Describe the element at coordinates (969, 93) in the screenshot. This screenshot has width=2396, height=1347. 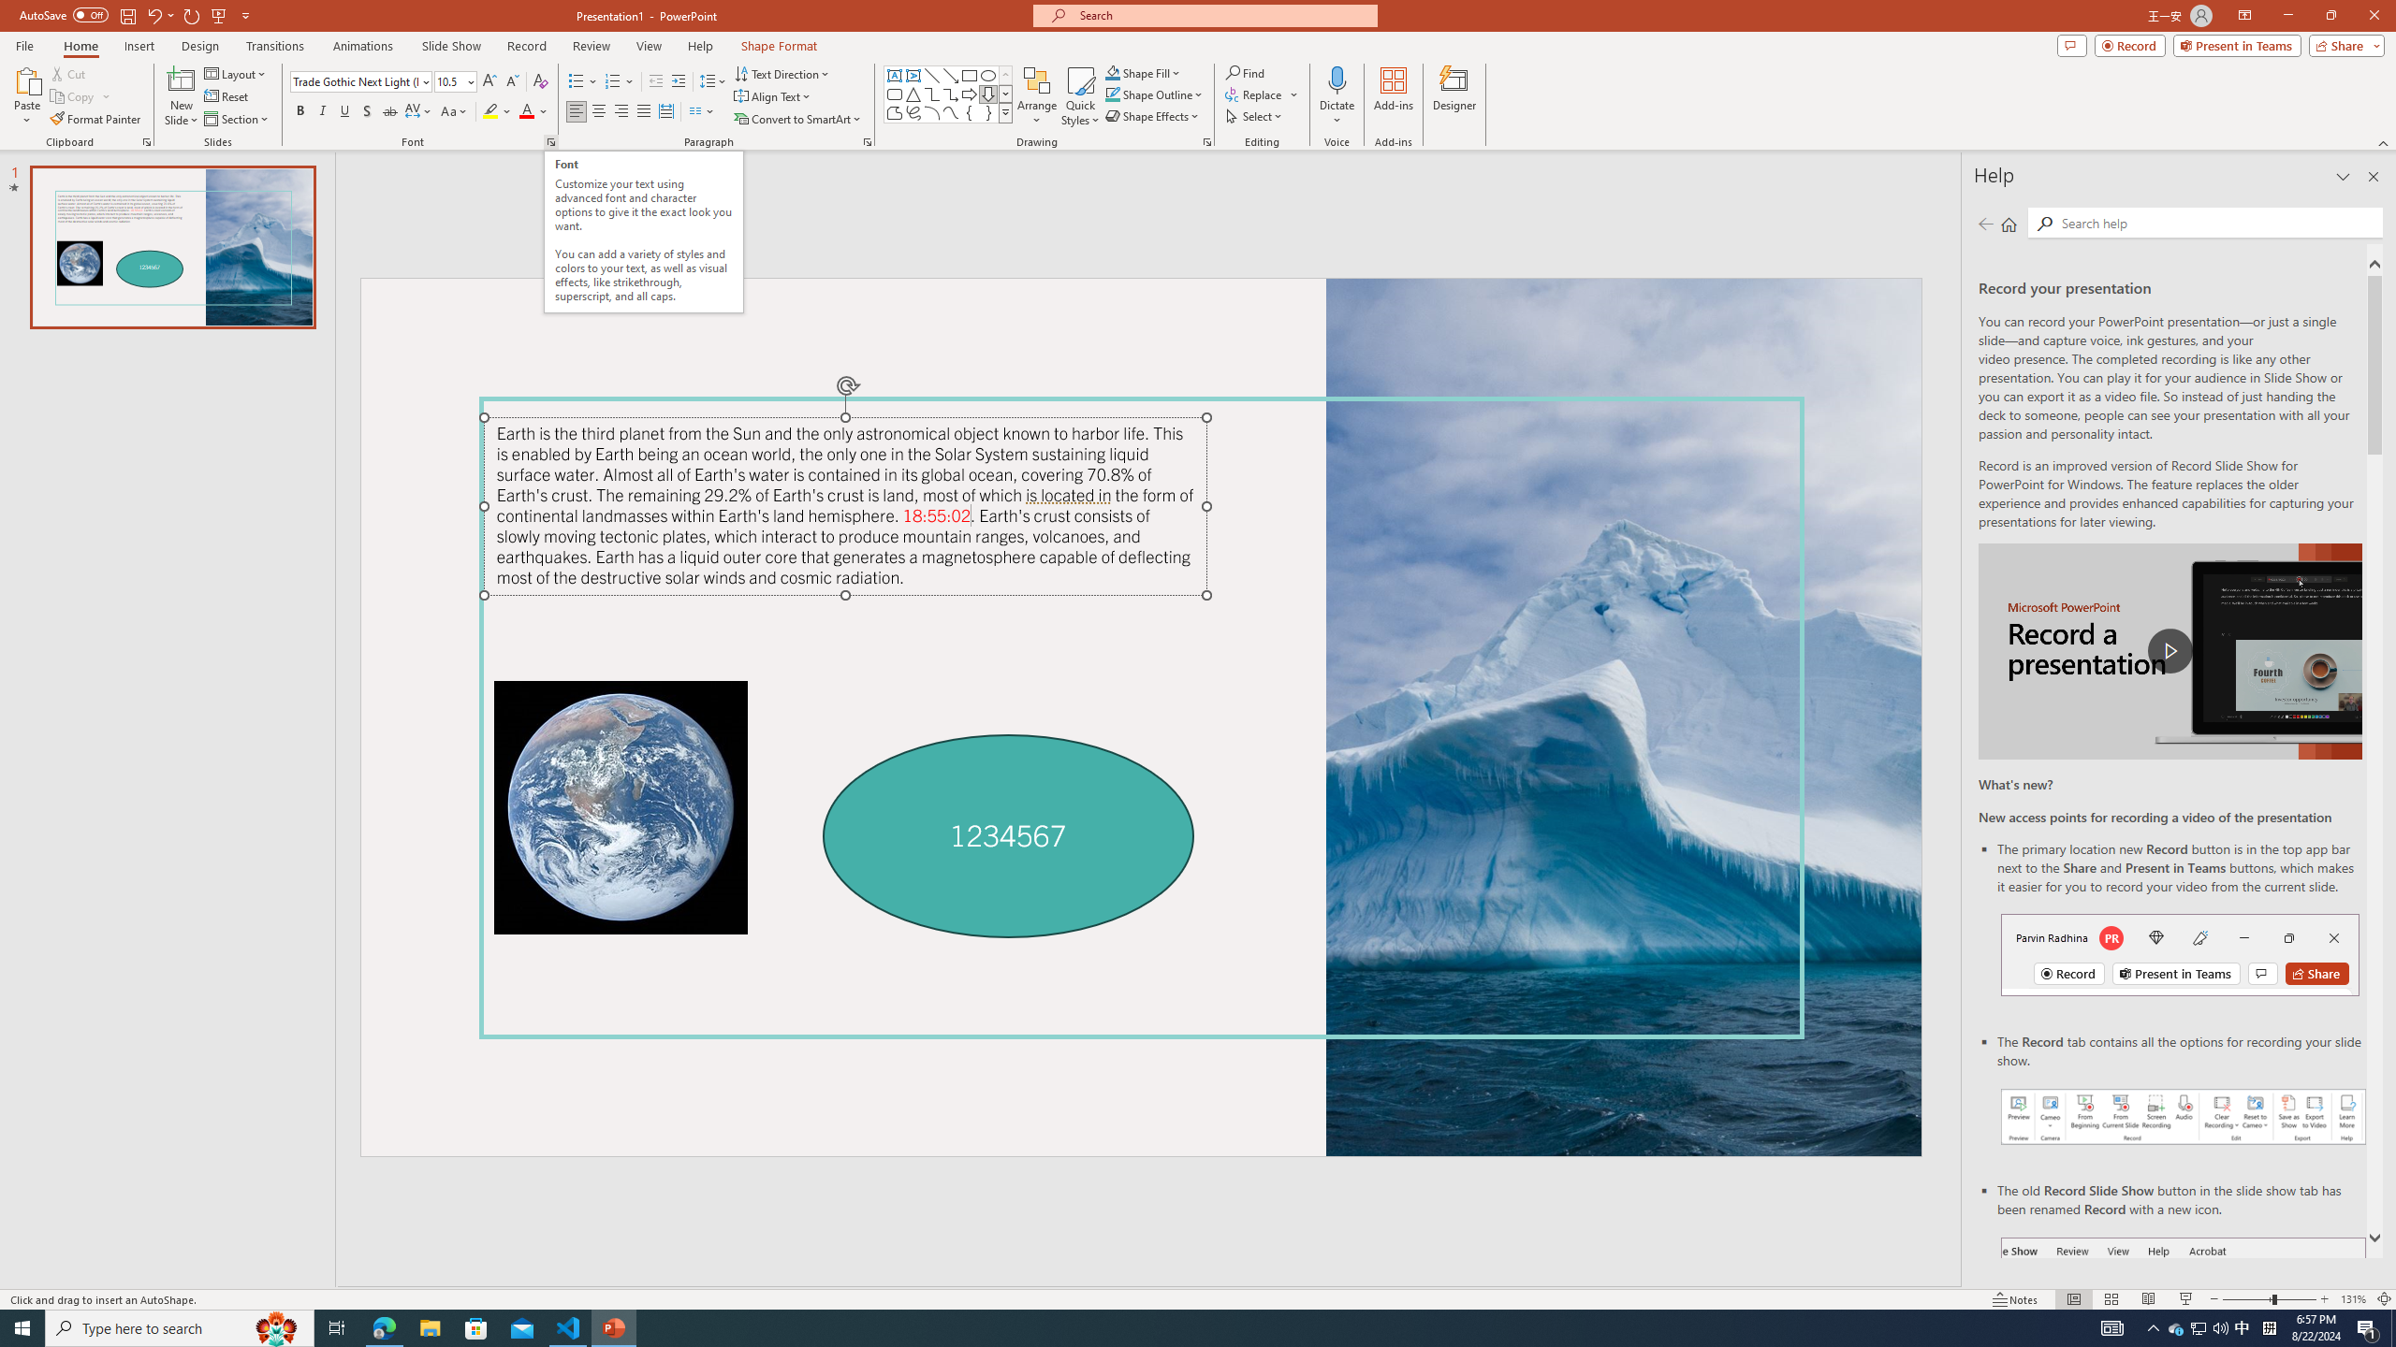
I see `'Arrow: Right'` at that location.